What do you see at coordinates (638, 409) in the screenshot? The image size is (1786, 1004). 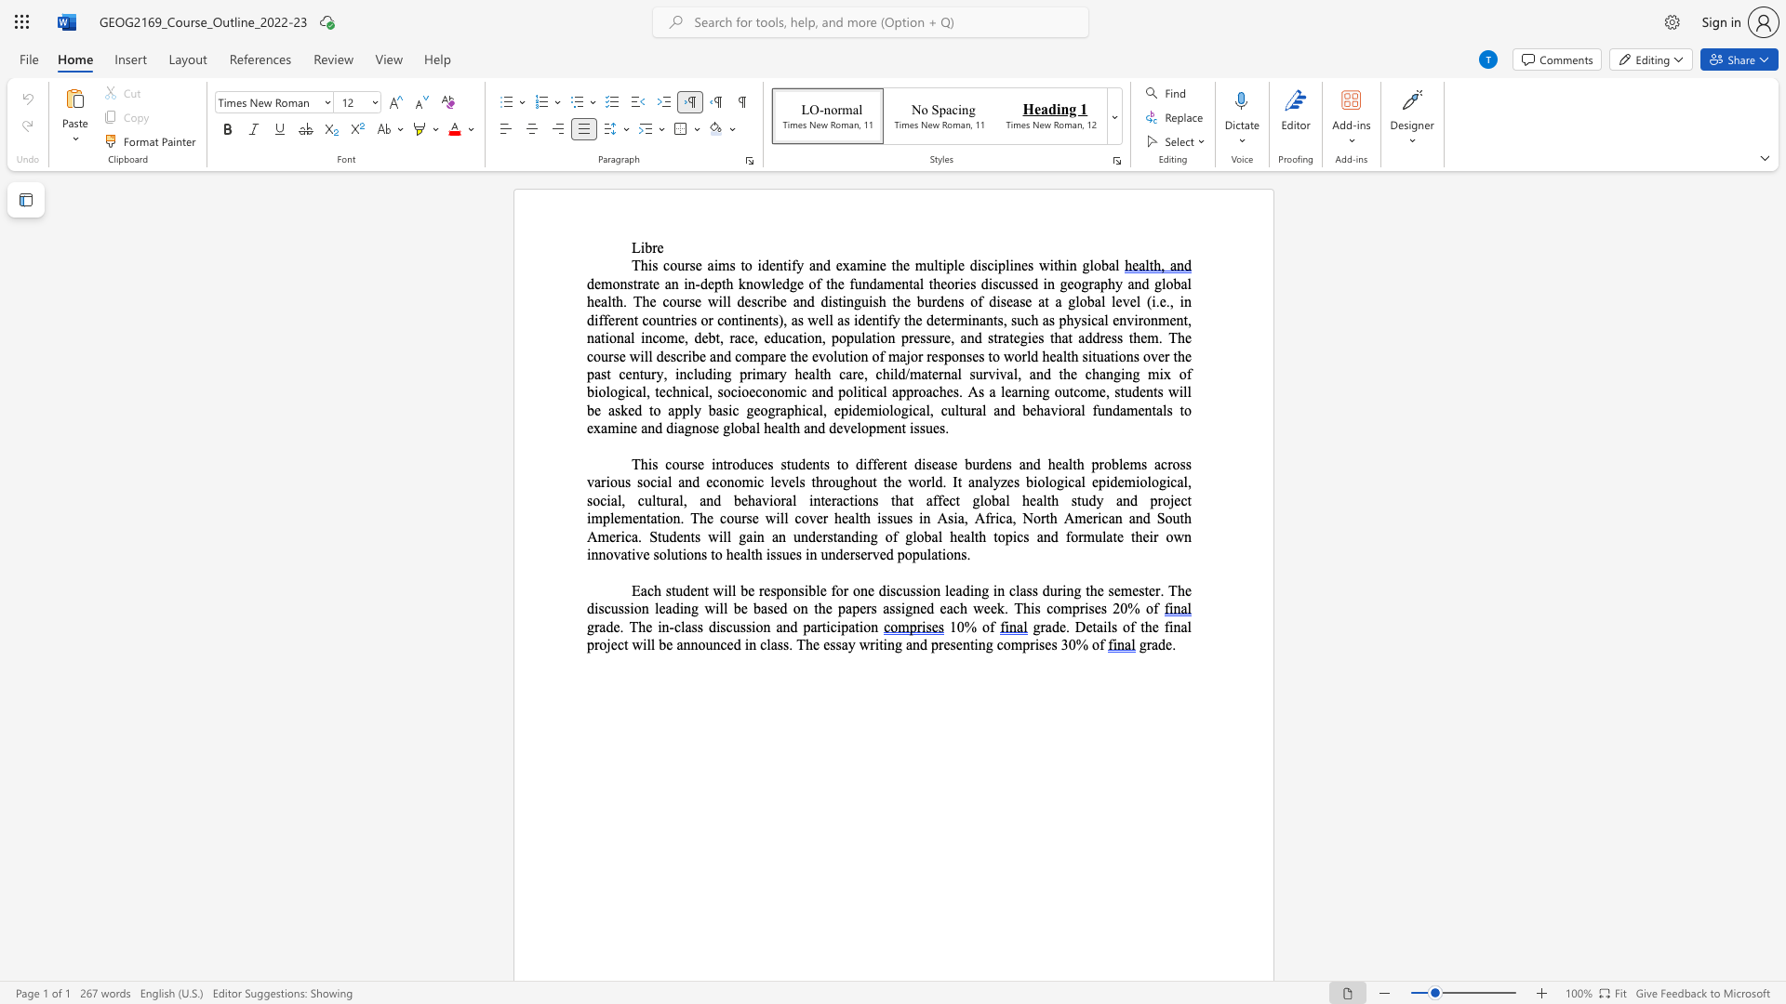 I see `the 2th character "d" in the text` at bounding box center [638, 409].